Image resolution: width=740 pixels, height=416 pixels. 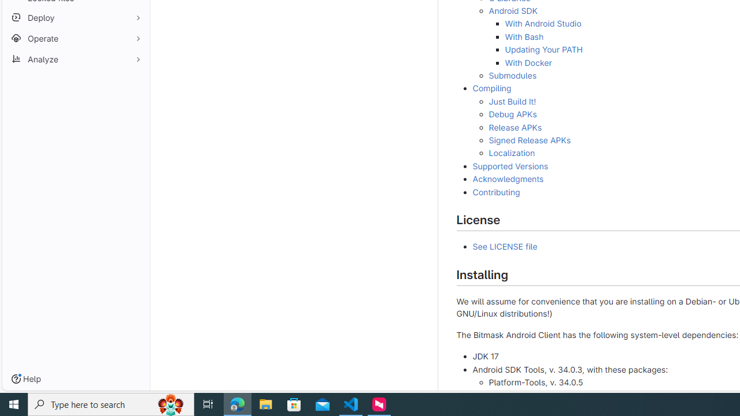 What do you see at coordinates (512, 114) in the screenshot?
I see `'Debug APKs'` at bounding box center [512, 114].